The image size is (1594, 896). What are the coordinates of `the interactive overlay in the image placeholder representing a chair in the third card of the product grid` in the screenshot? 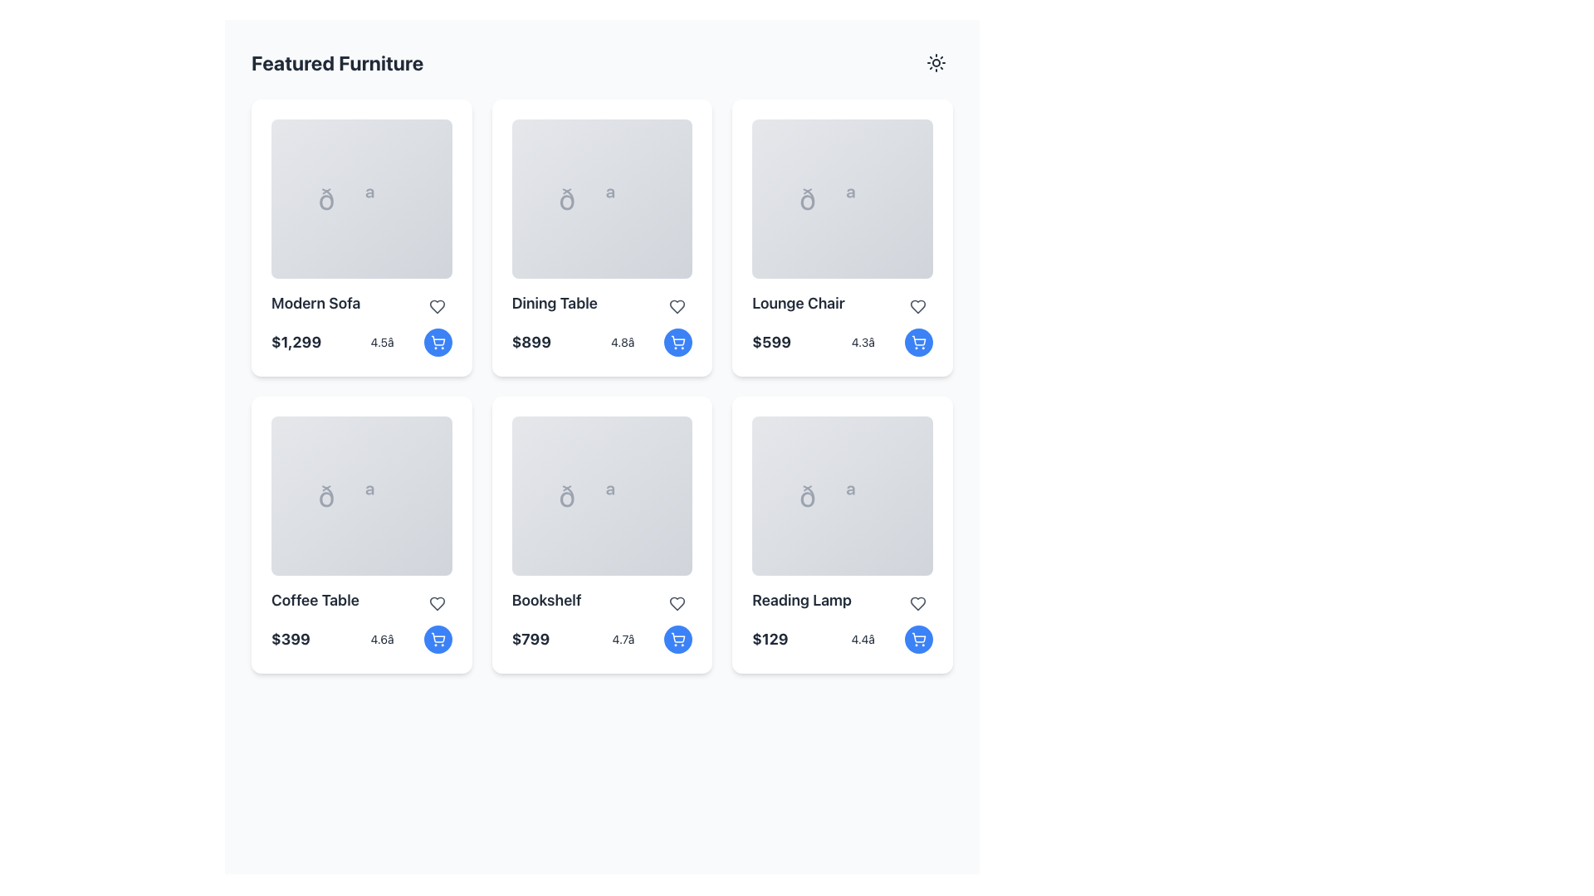 It's located at (842, 197).